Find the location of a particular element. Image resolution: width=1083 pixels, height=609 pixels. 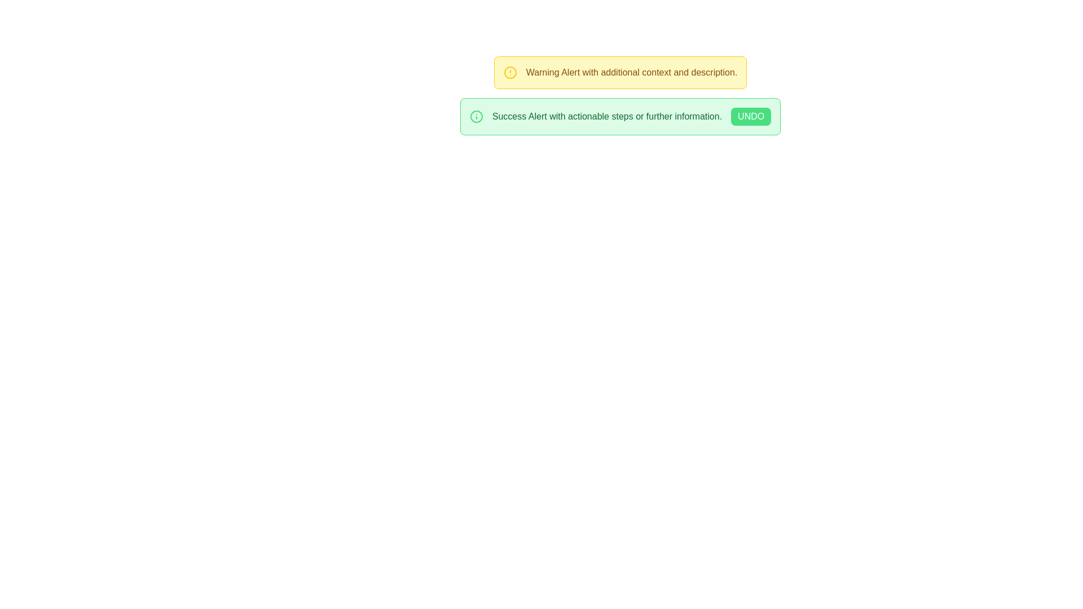

the success alert icon, which visually indicates the type of notification and is located to the left of the notification text 'Success Alert with actionable steps or further information' is located at coordinates (476, 117).